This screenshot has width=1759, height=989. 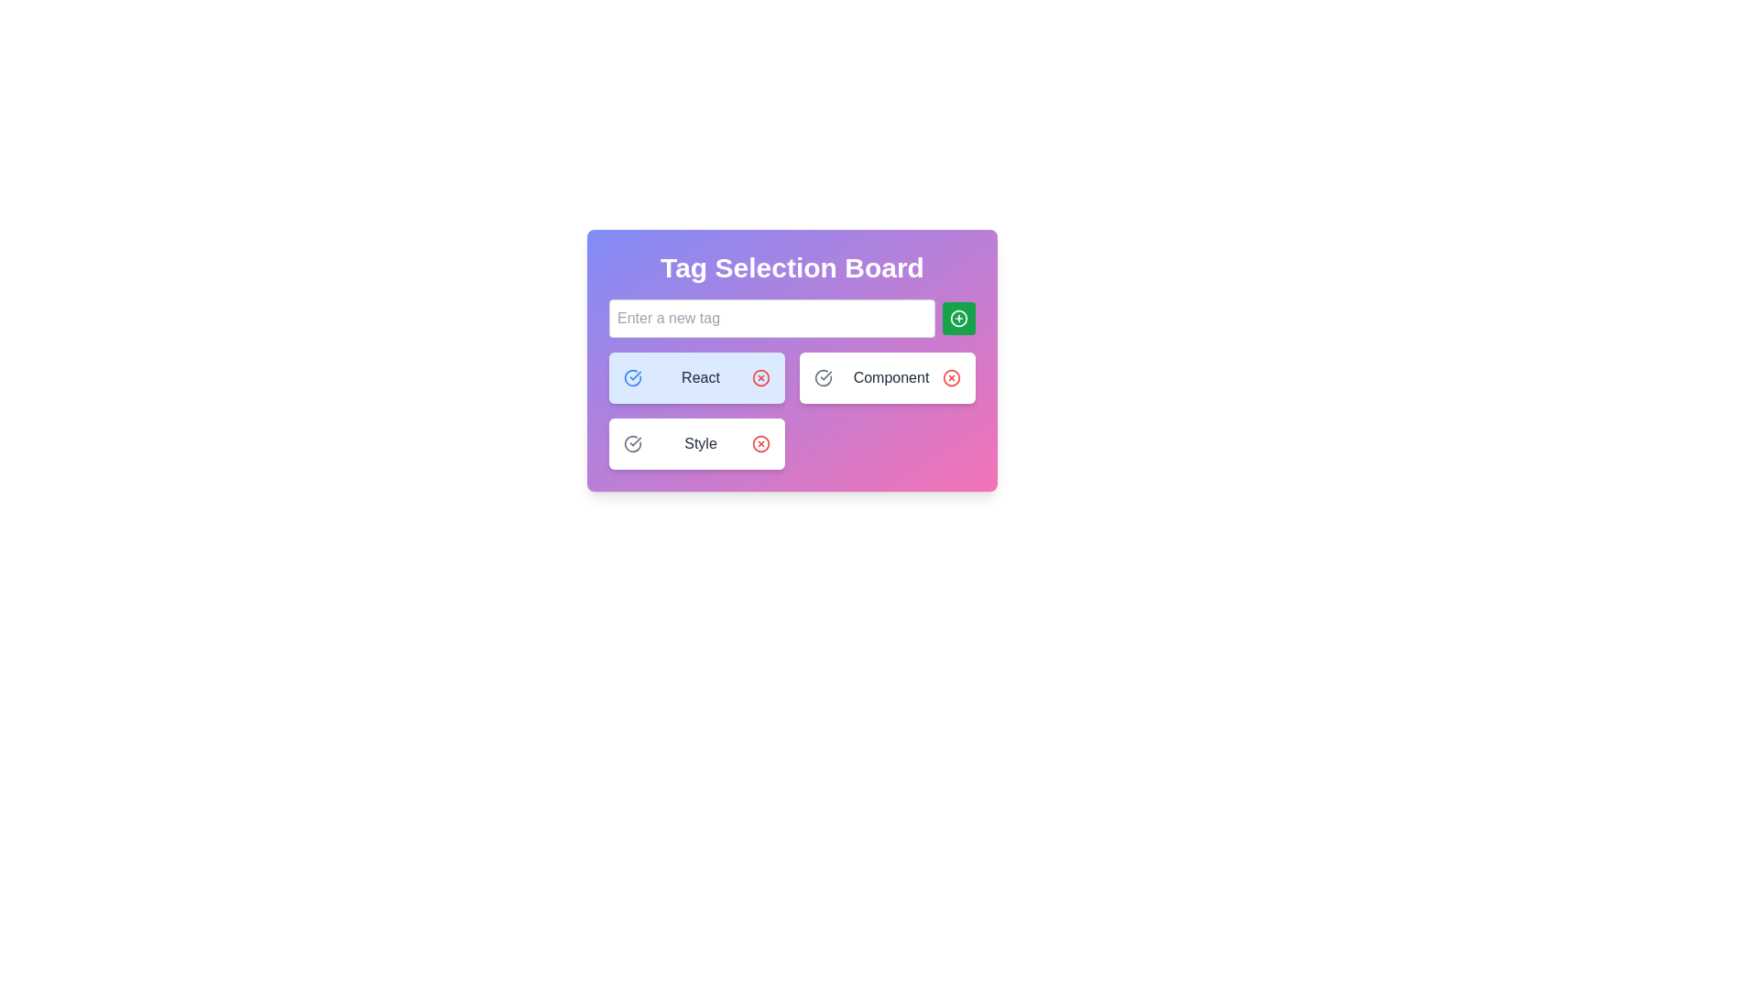 What do you see at coordinates (633, 376) in the screenshot?
I see `the visual feedback of the leftmost icon within the 'React' tag box in the 'Tag Selection Board' interface, indicating the associated tag is selected or active` at bounding box center [633, 376].